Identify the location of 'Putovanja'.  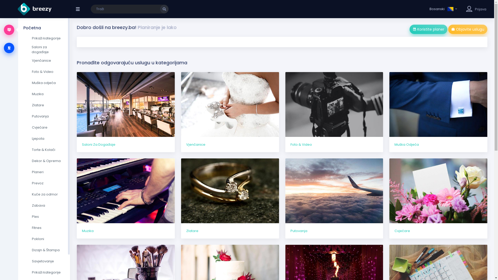
(334, 198).